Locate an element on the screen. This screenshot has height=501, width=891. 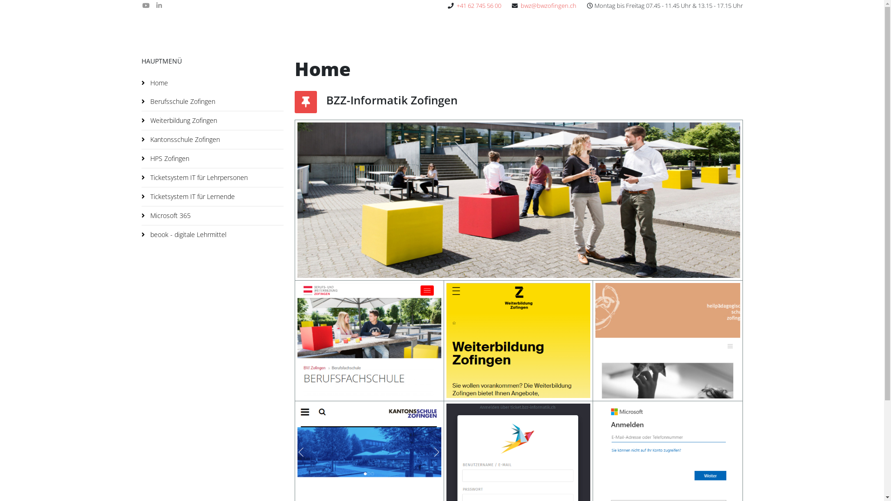
'Kantonsschule Zofingen' is located at coordinates (211, 139).